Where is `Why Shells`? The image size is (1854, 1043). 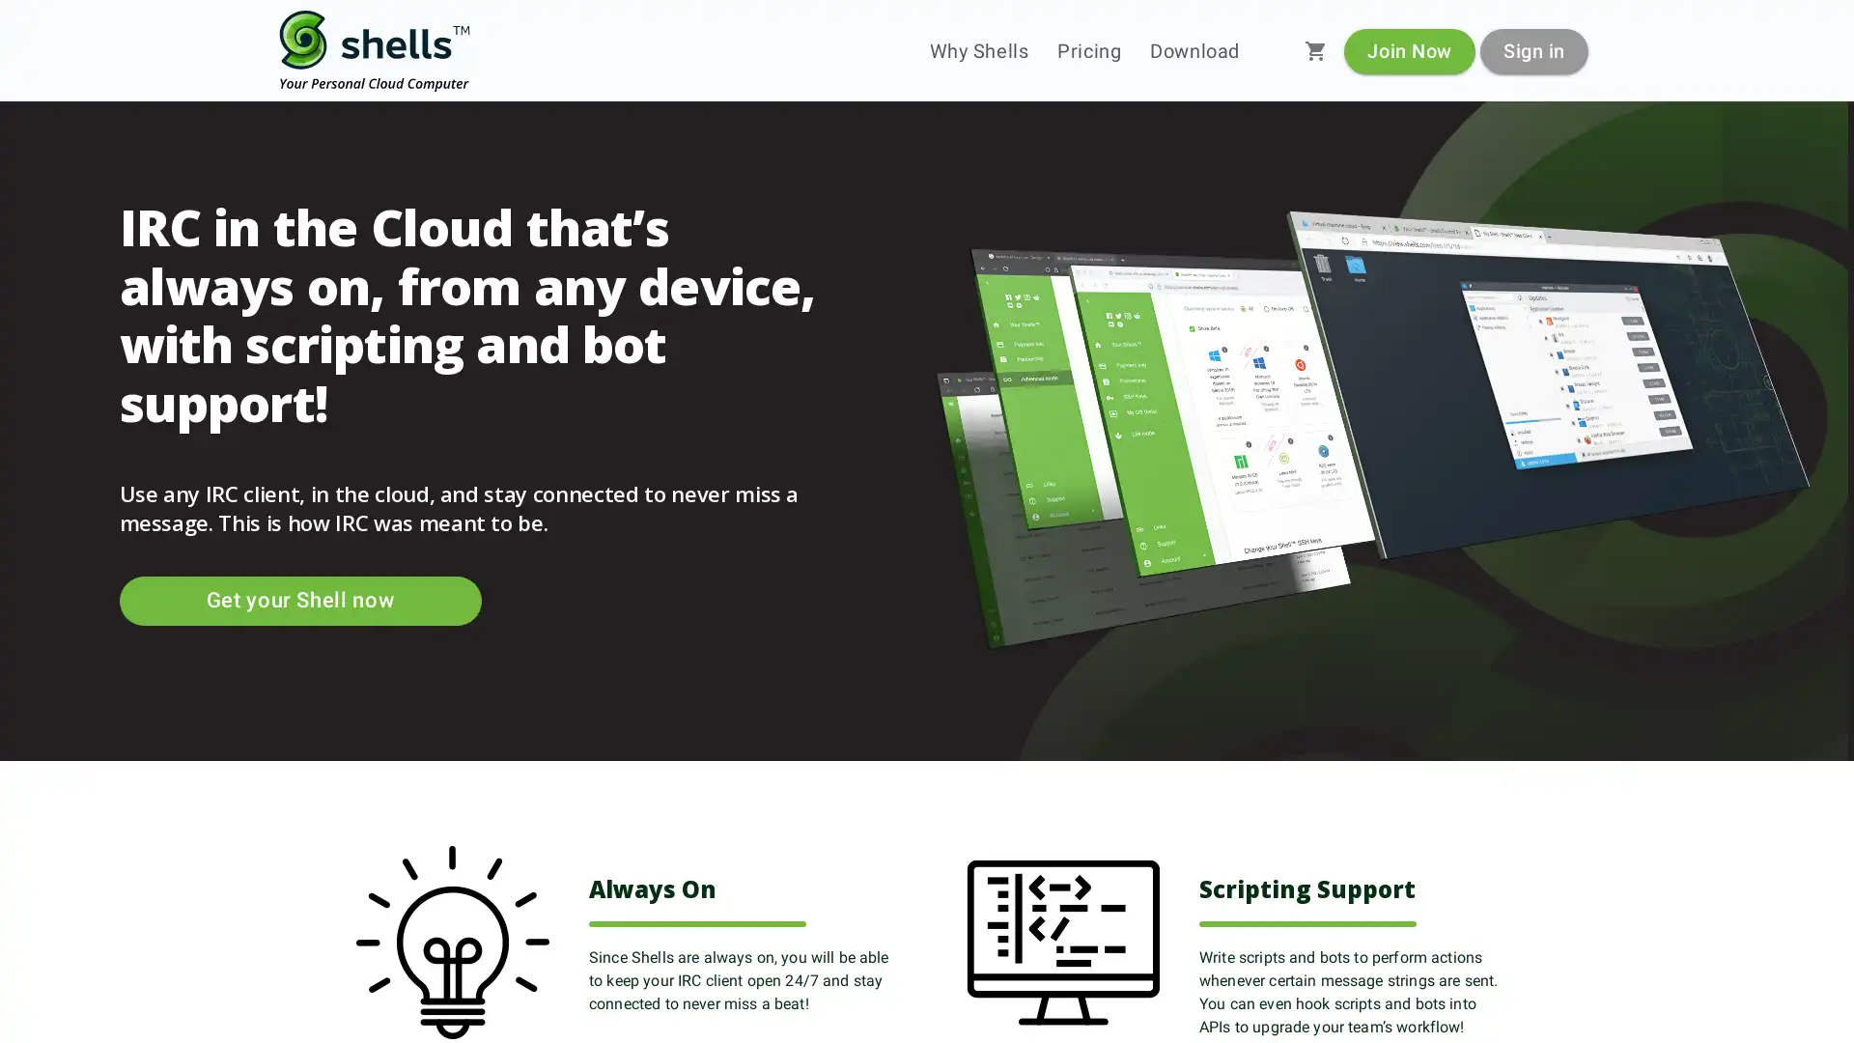 Why Shells is located at coordinates (978, 50).